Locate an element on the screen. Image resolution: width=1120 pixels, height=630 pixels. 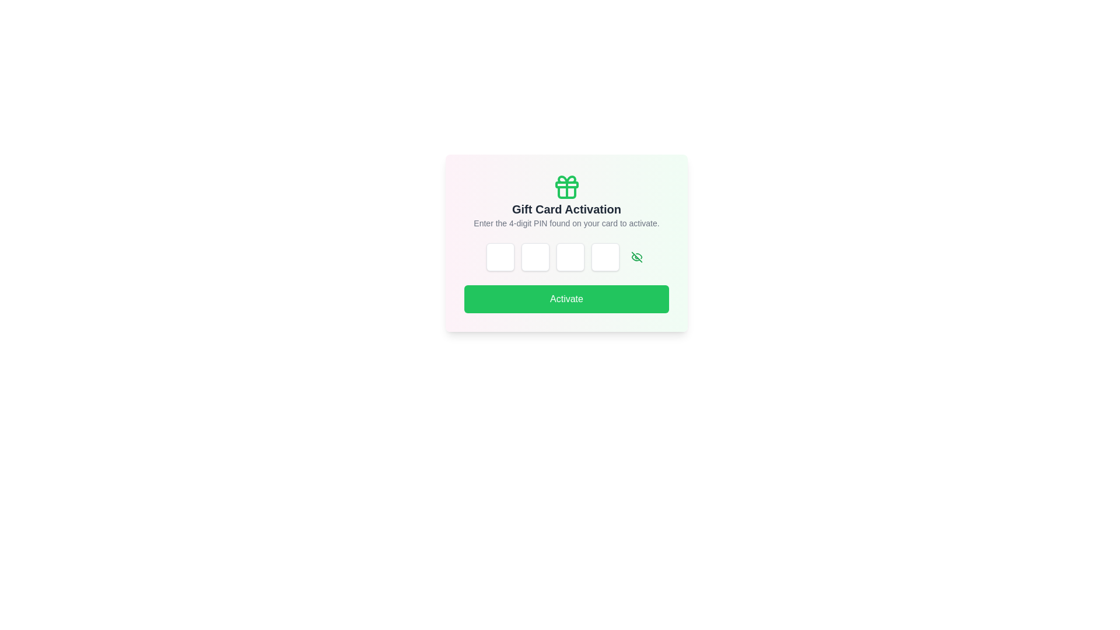
the crossed-out eye icon located to the right of the last PIN input box is located at coordinates (636, 256).